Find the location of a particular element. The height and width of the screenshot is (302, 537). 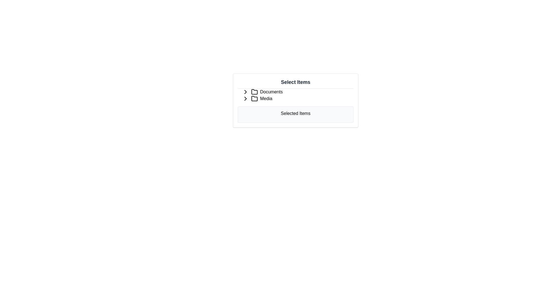

the Right-chevron icon next to the 'Media' label in the 'Select Items' list is located at coordinates (246, 98).